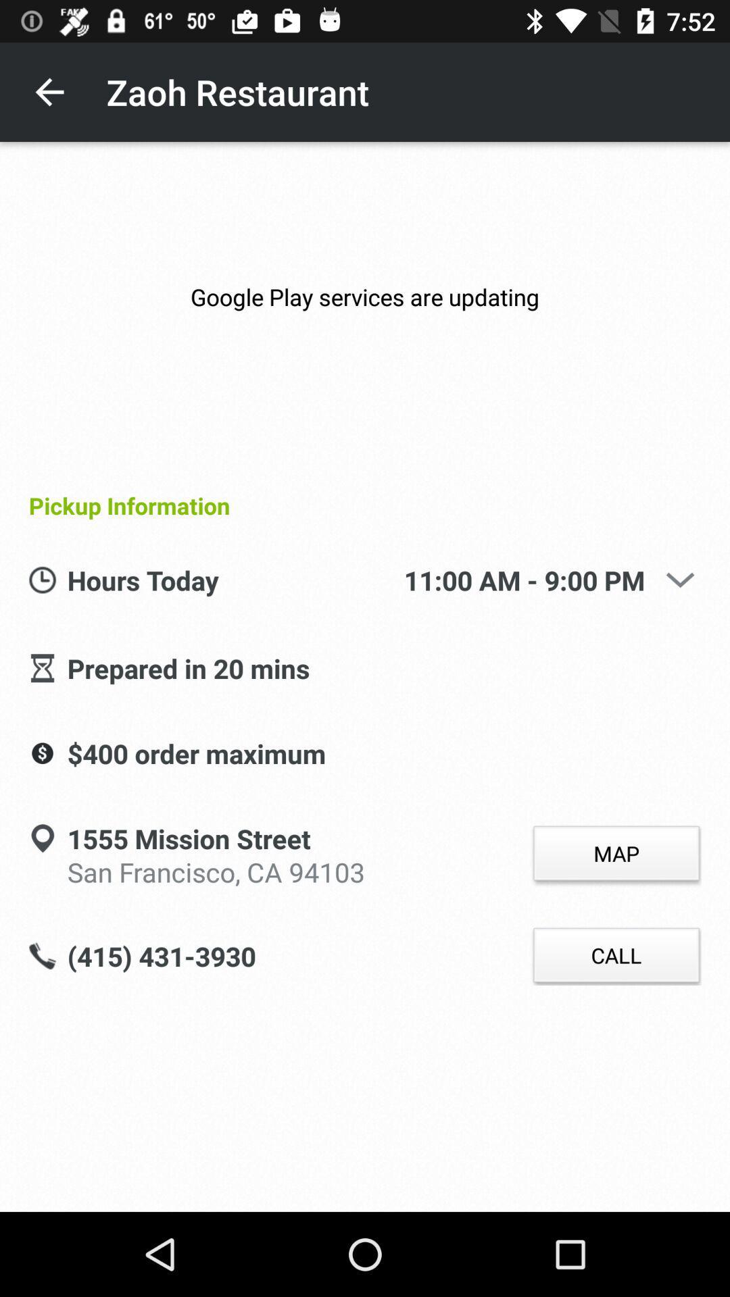  I want to click on the call, so click(616, 955).